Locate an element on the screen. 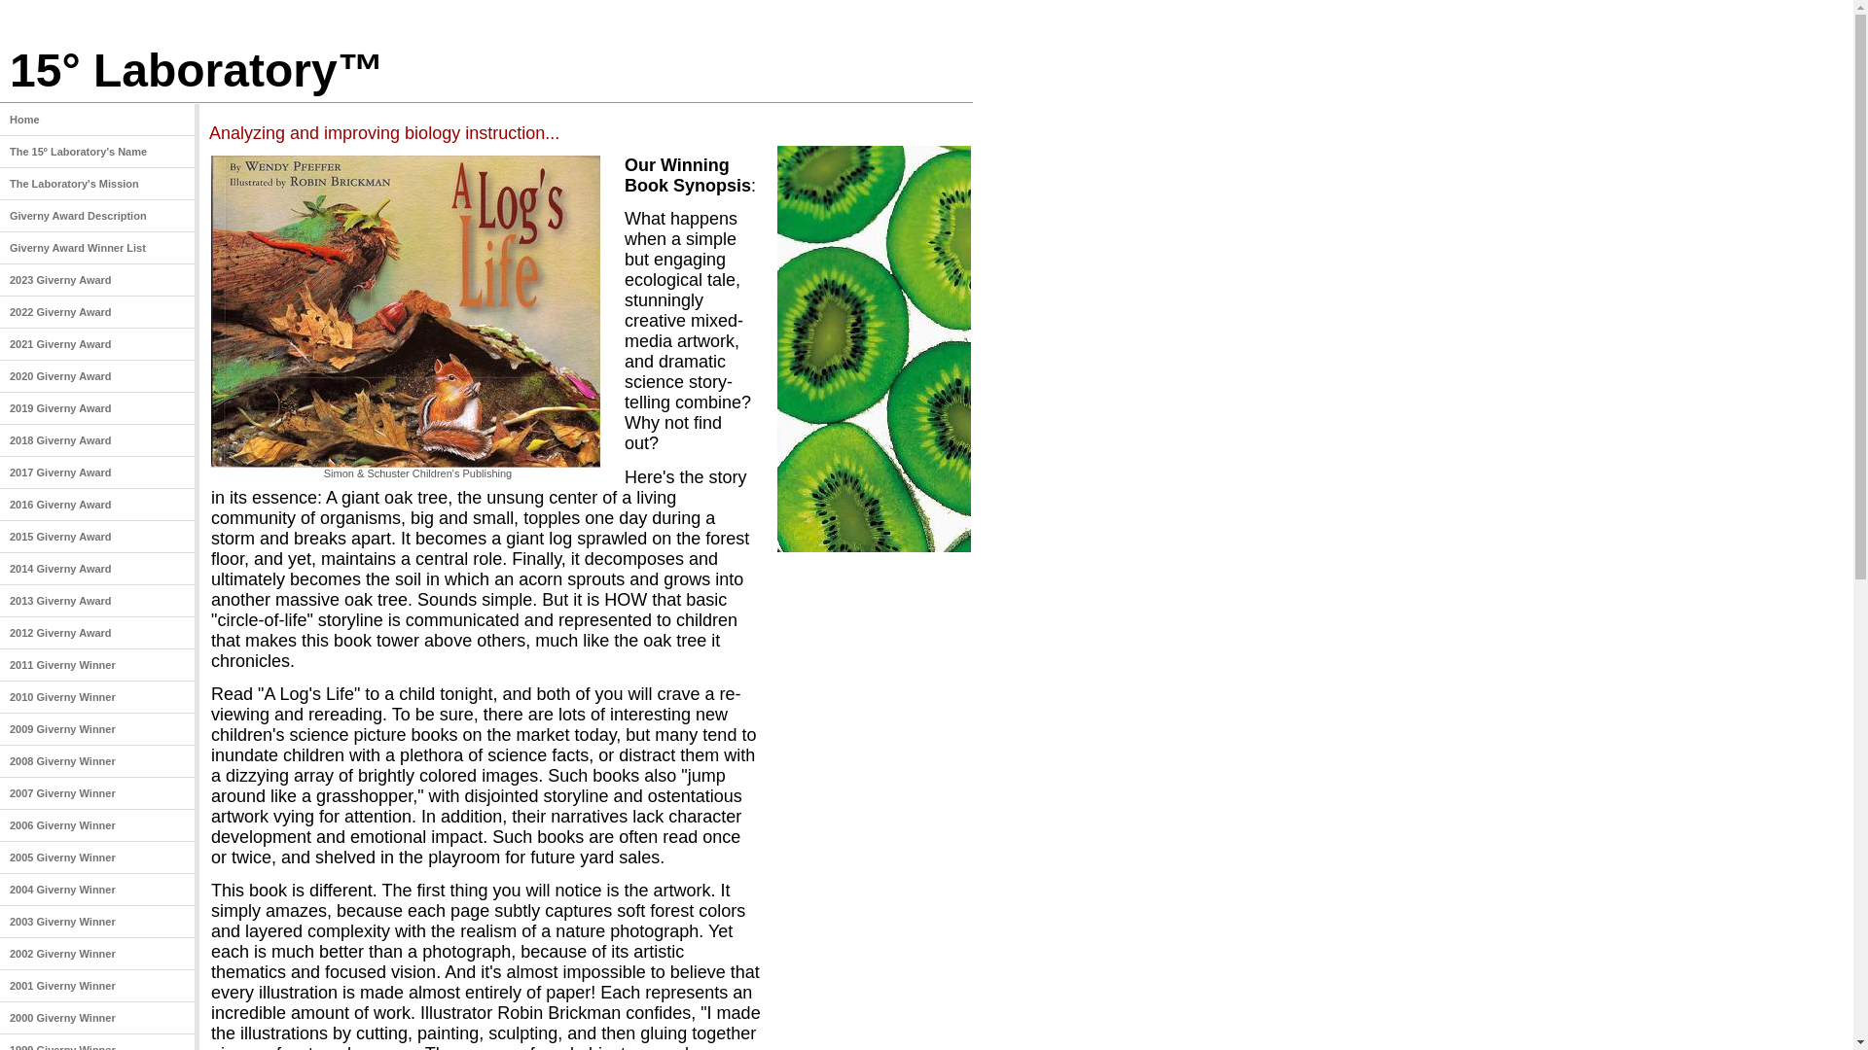  '2011 Giverny Winner' is located at coordinates (96, 664).